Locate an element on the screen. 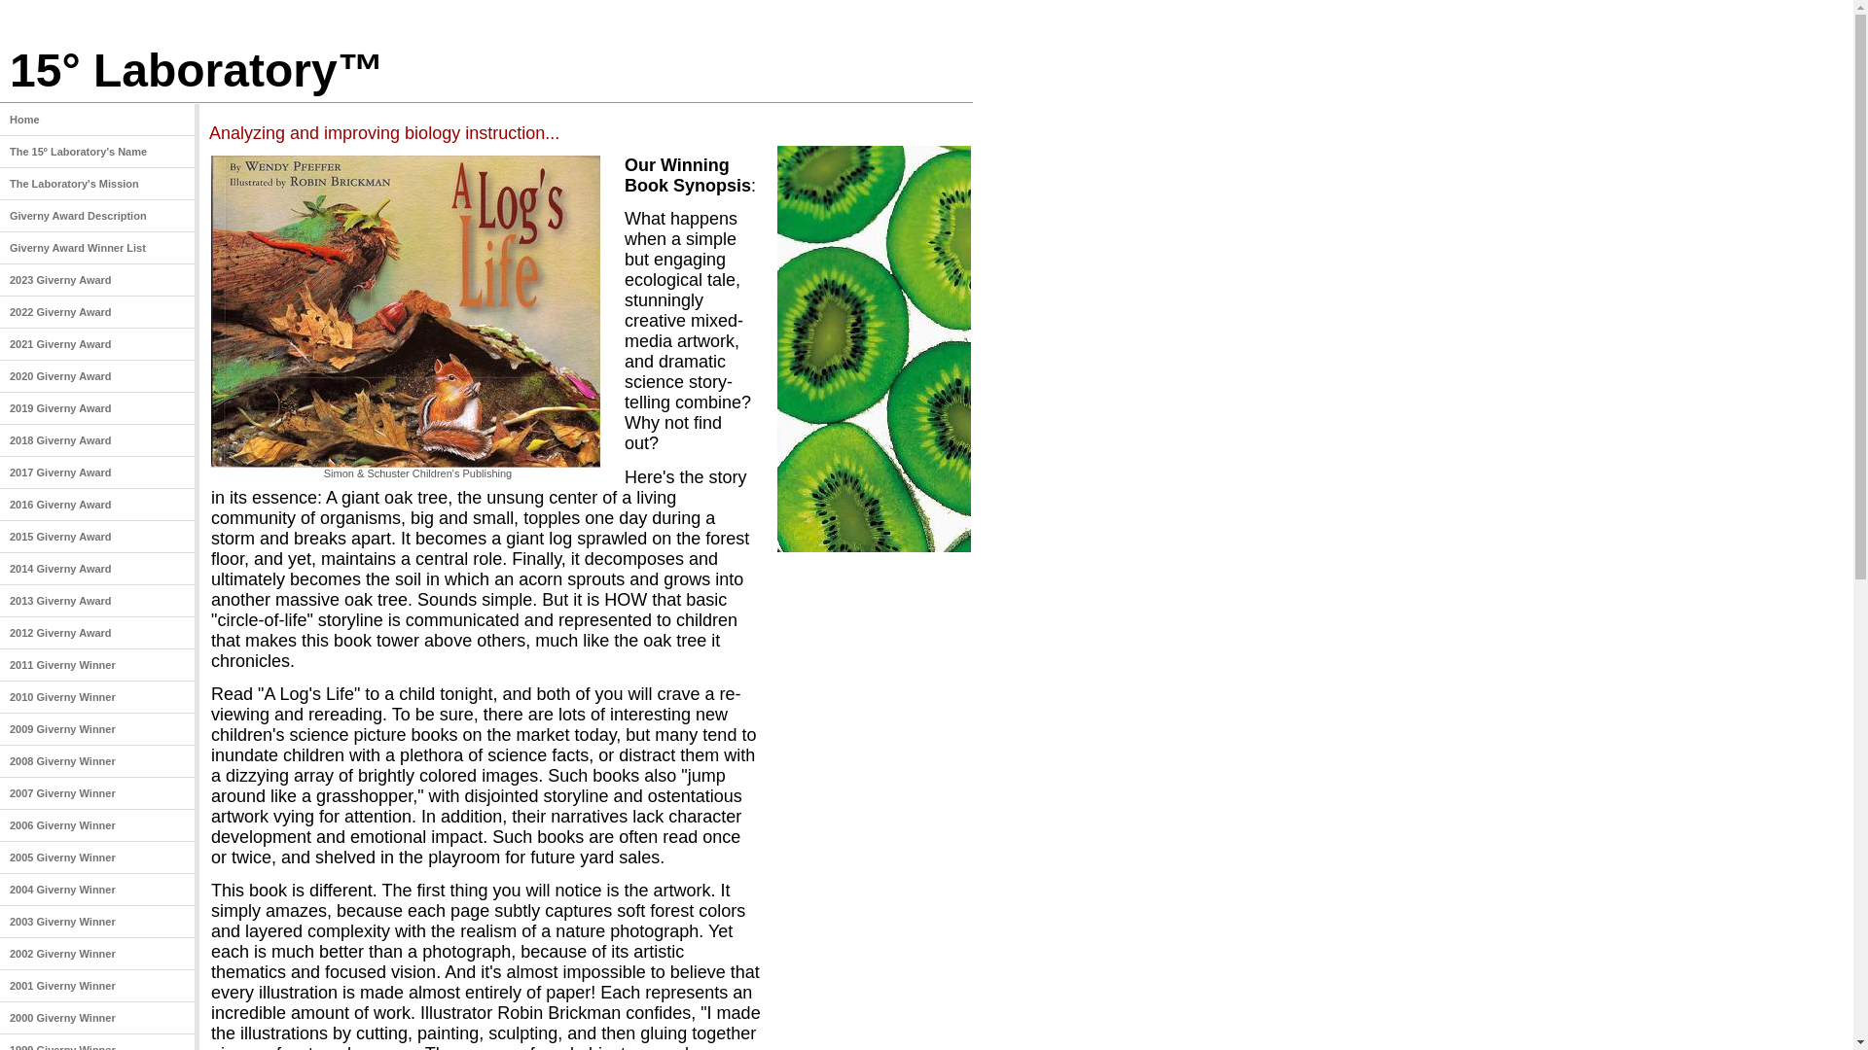  '2011 Giverny Winner' is located at coordinates (96, 664).